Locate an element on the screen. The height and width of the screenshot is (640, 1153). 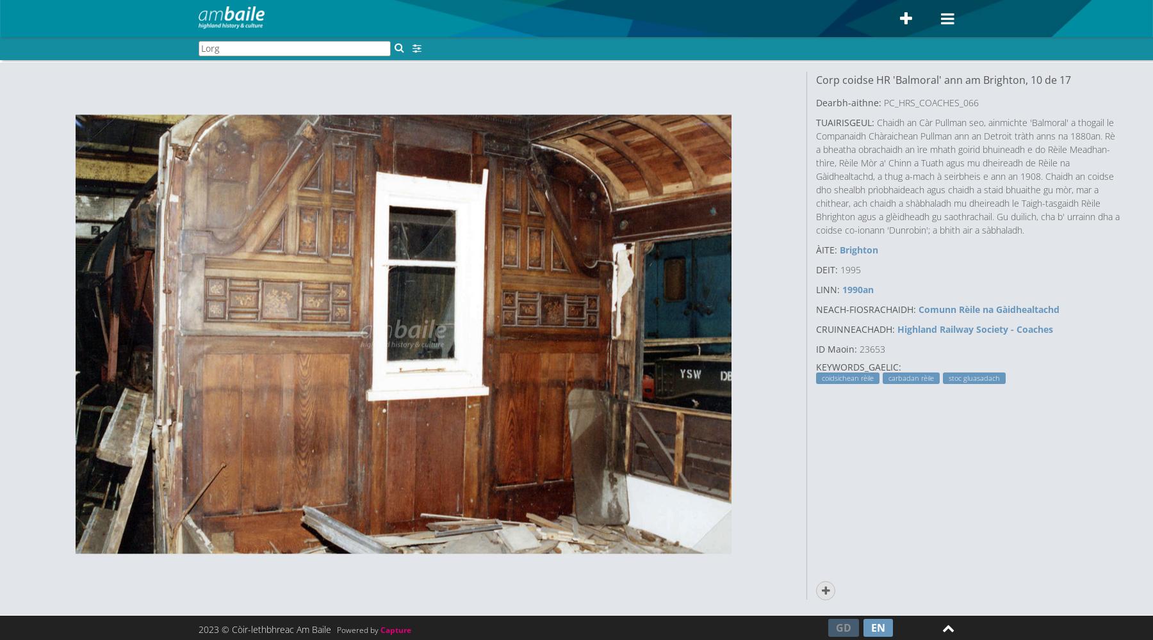
'coidsichean rèile' is located at coordinates (847, 378).